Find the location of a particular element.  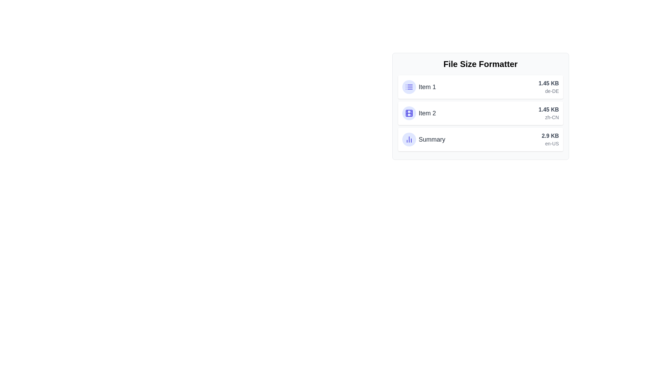

the text label displaying 'zh-CN', which is a small gray text label located beneath '1.45 KB' in the bottom-right section of the 'Item 2' row is located at coordinates (548, 117).